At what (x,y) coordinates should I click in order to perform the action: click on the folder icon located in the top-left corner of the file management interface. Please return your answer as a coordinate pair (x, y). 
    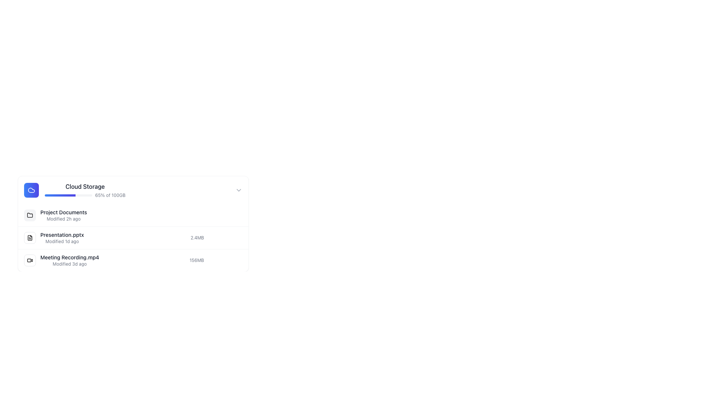
    Looking at the image, I should click on (30, 215).